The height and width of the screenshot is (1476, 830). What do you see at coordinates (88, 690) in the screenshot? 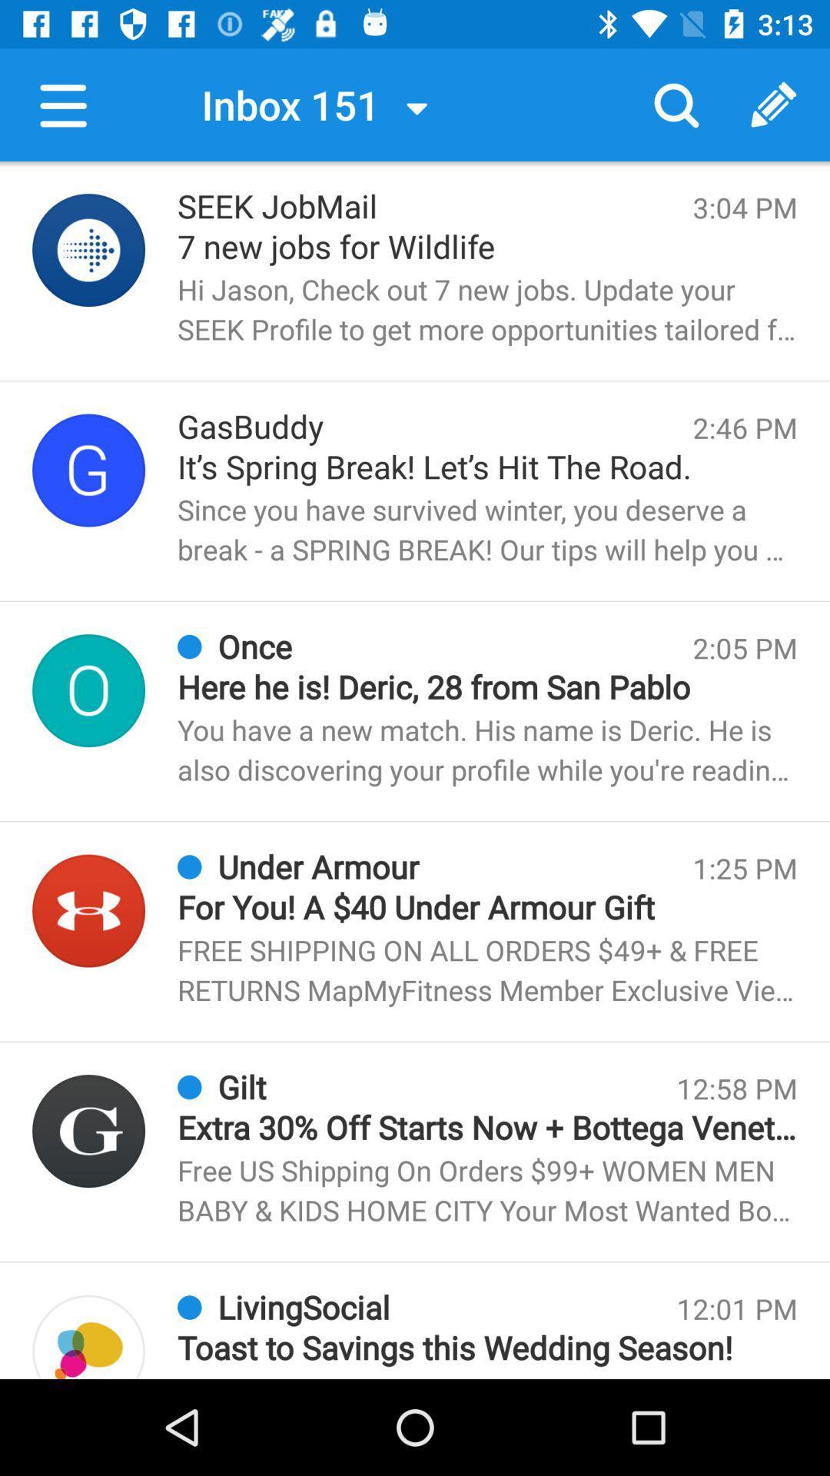
I see `open info about that sender` at bounding box center [88, 690].